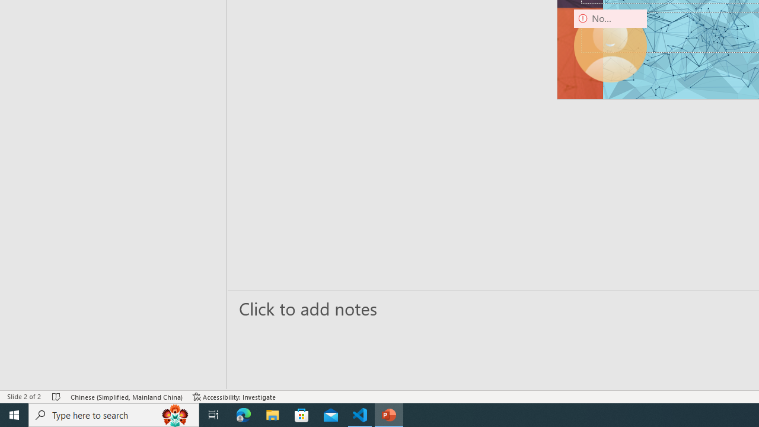 Image resolution: width=759 pixels, height=427 pixels. I want to click on 'Spell Check No Errors', so click(56, 397).